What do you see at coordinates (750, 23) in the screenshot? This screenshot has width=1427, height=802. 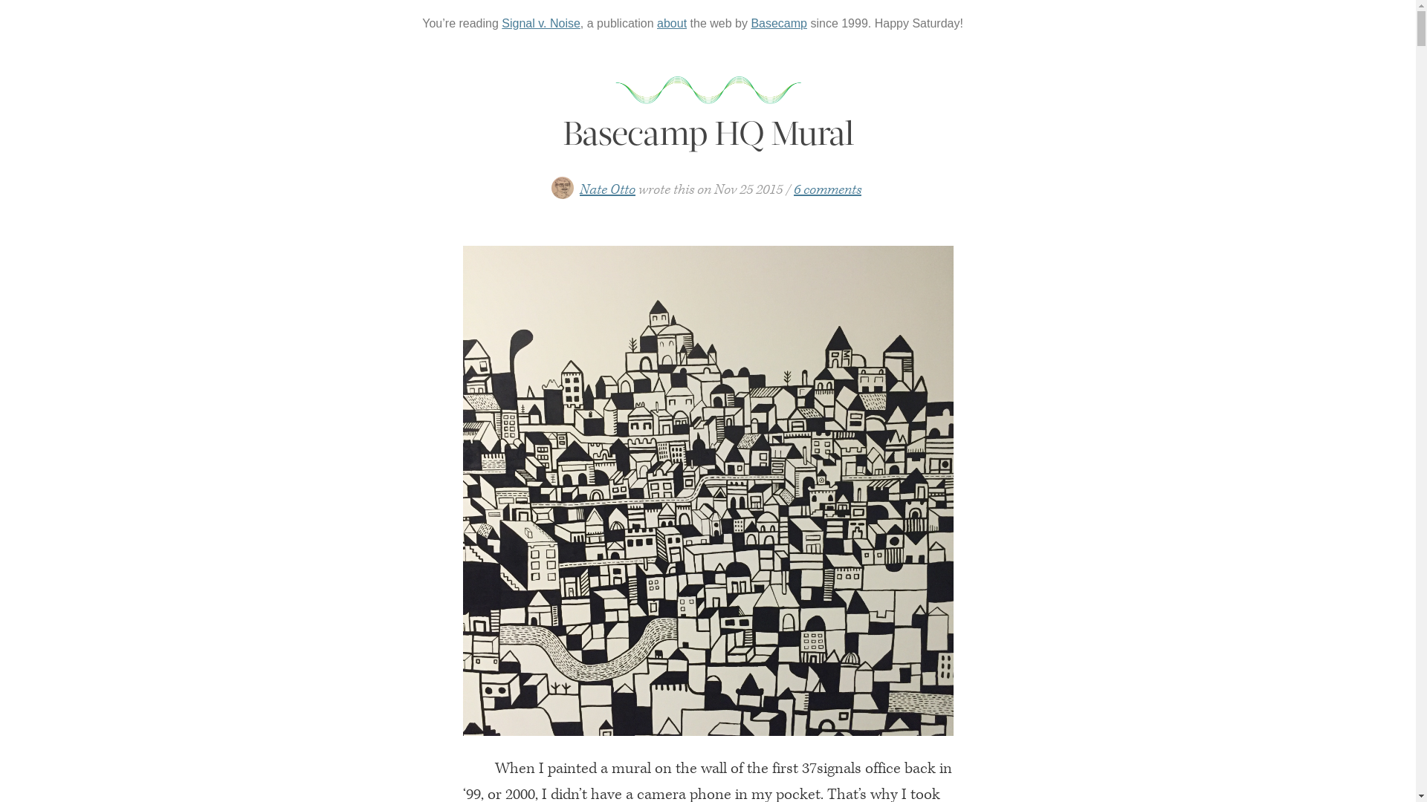 I see `'Basecamp'` at bounding box center [750, 23].